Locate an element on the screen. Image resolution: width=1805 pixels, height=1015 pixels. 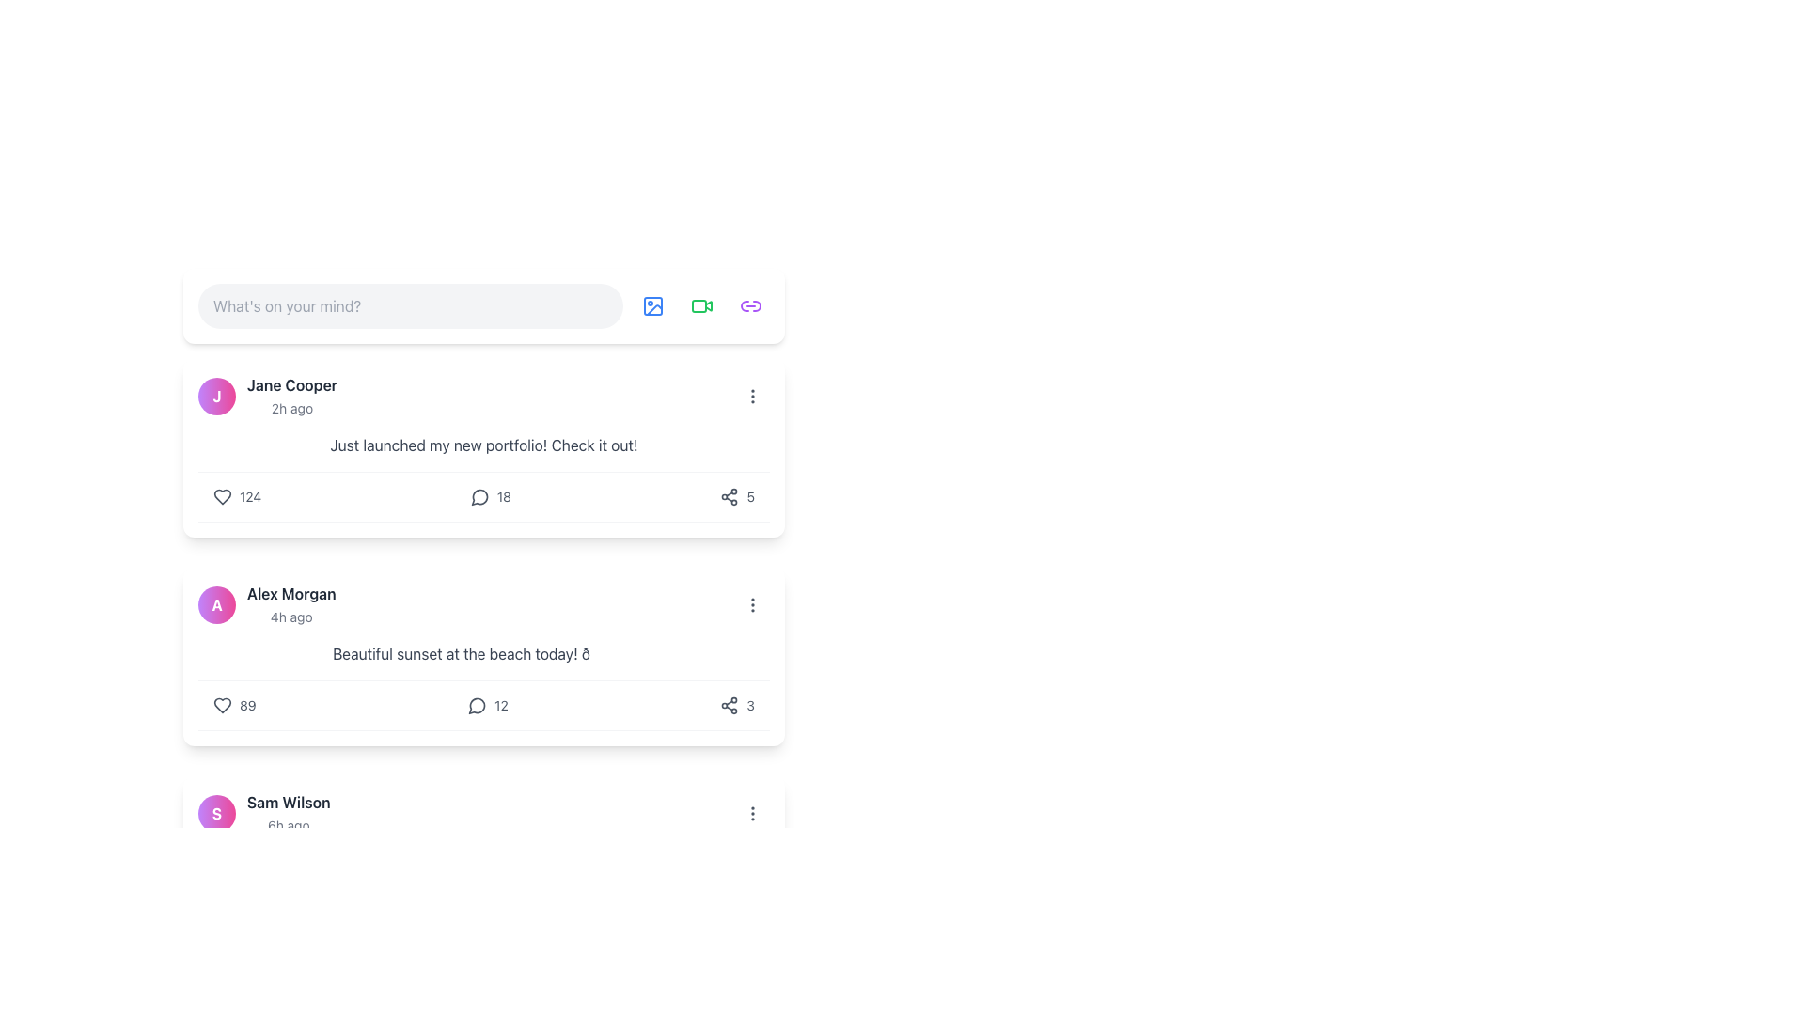
the like button located at the bottom-left corner of the post by 'Alex Morgan' to indicate appreciation for the post is located at coordinates (233, 706).